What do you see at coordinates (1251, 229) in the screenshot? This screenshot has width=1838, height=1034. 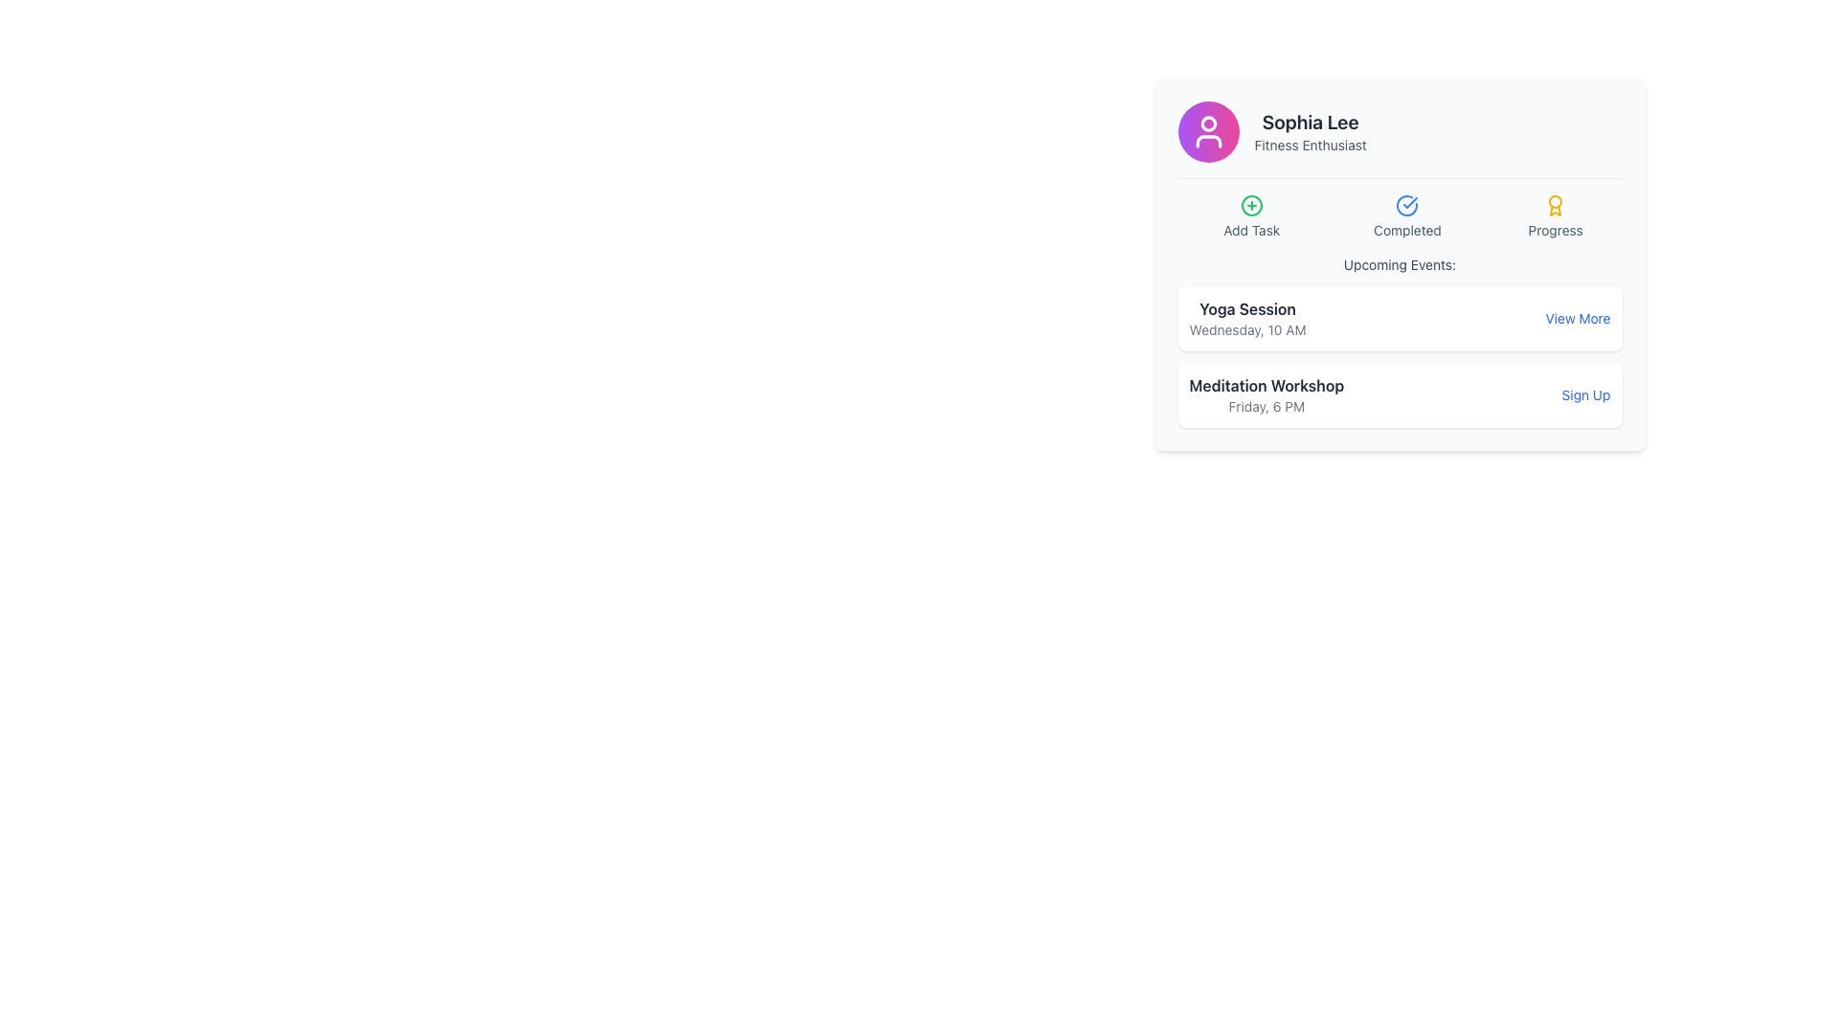 I see `the 'Add Task' label, which is a small gray text located below the green 'plus' icon in the upper section of the interface` at bounding box center [1251, 229].